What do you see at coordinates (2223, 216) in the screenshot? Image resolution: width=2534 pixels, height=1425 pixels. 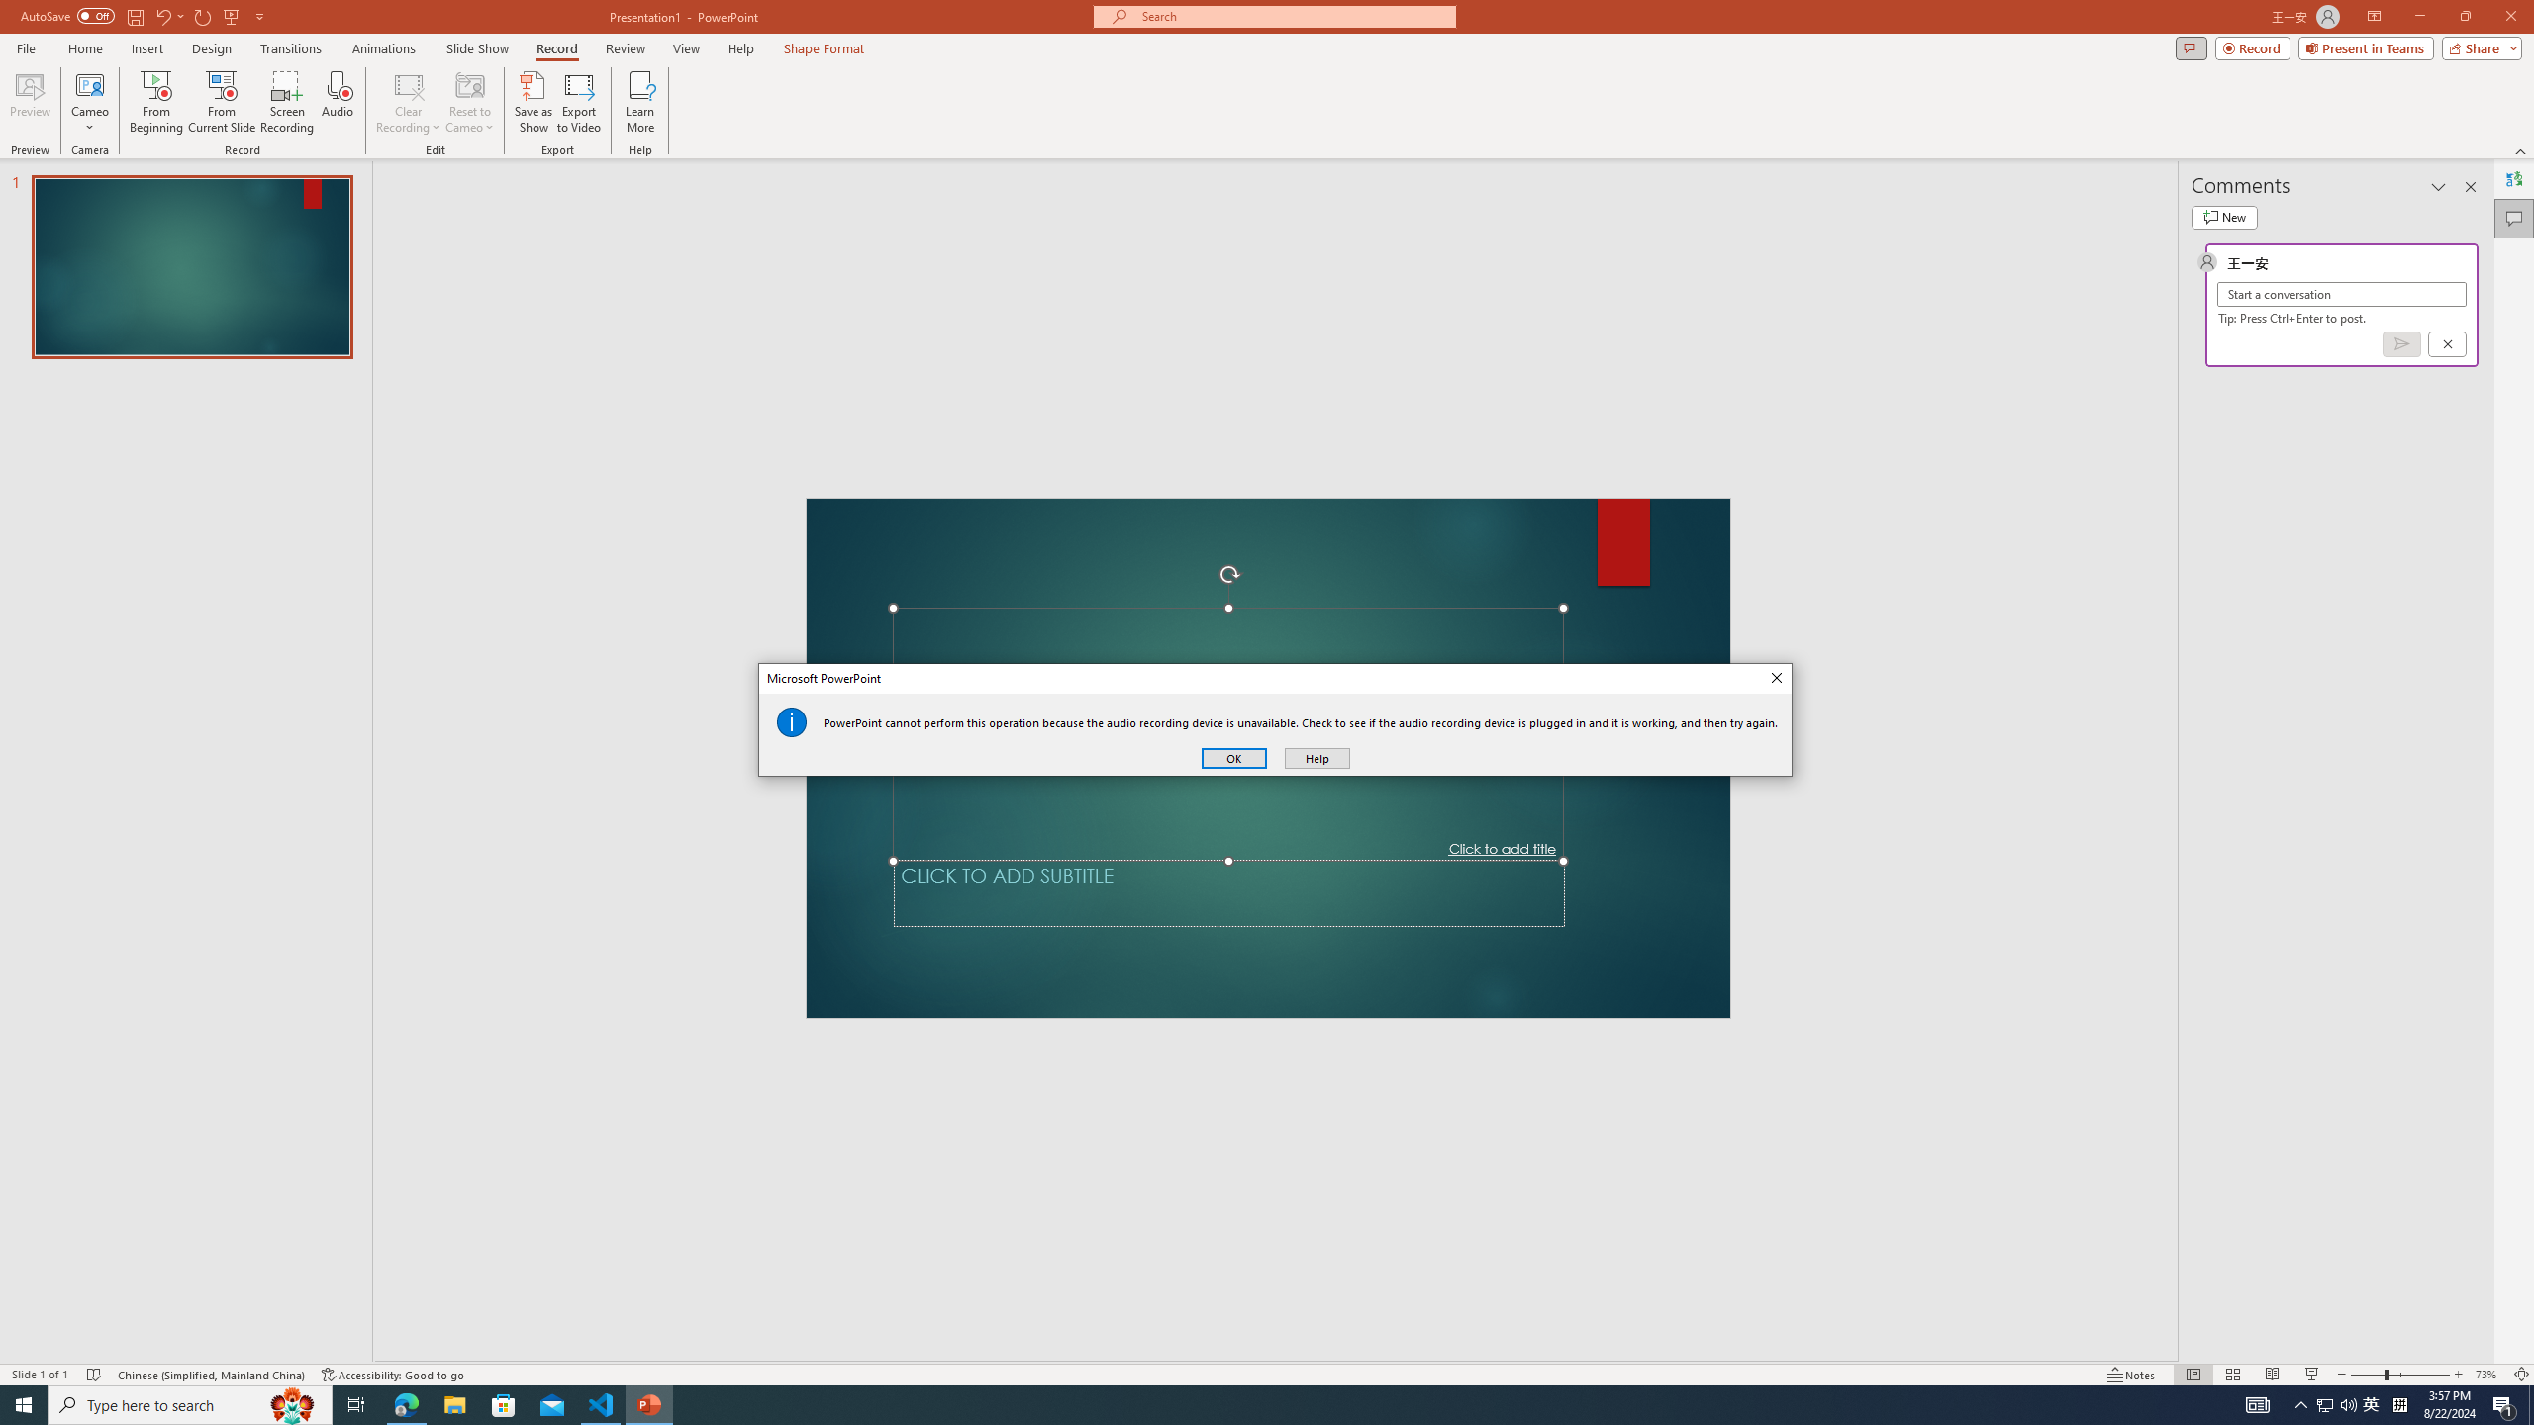 I see `'New comment'` at bounding box center [2223, 216].